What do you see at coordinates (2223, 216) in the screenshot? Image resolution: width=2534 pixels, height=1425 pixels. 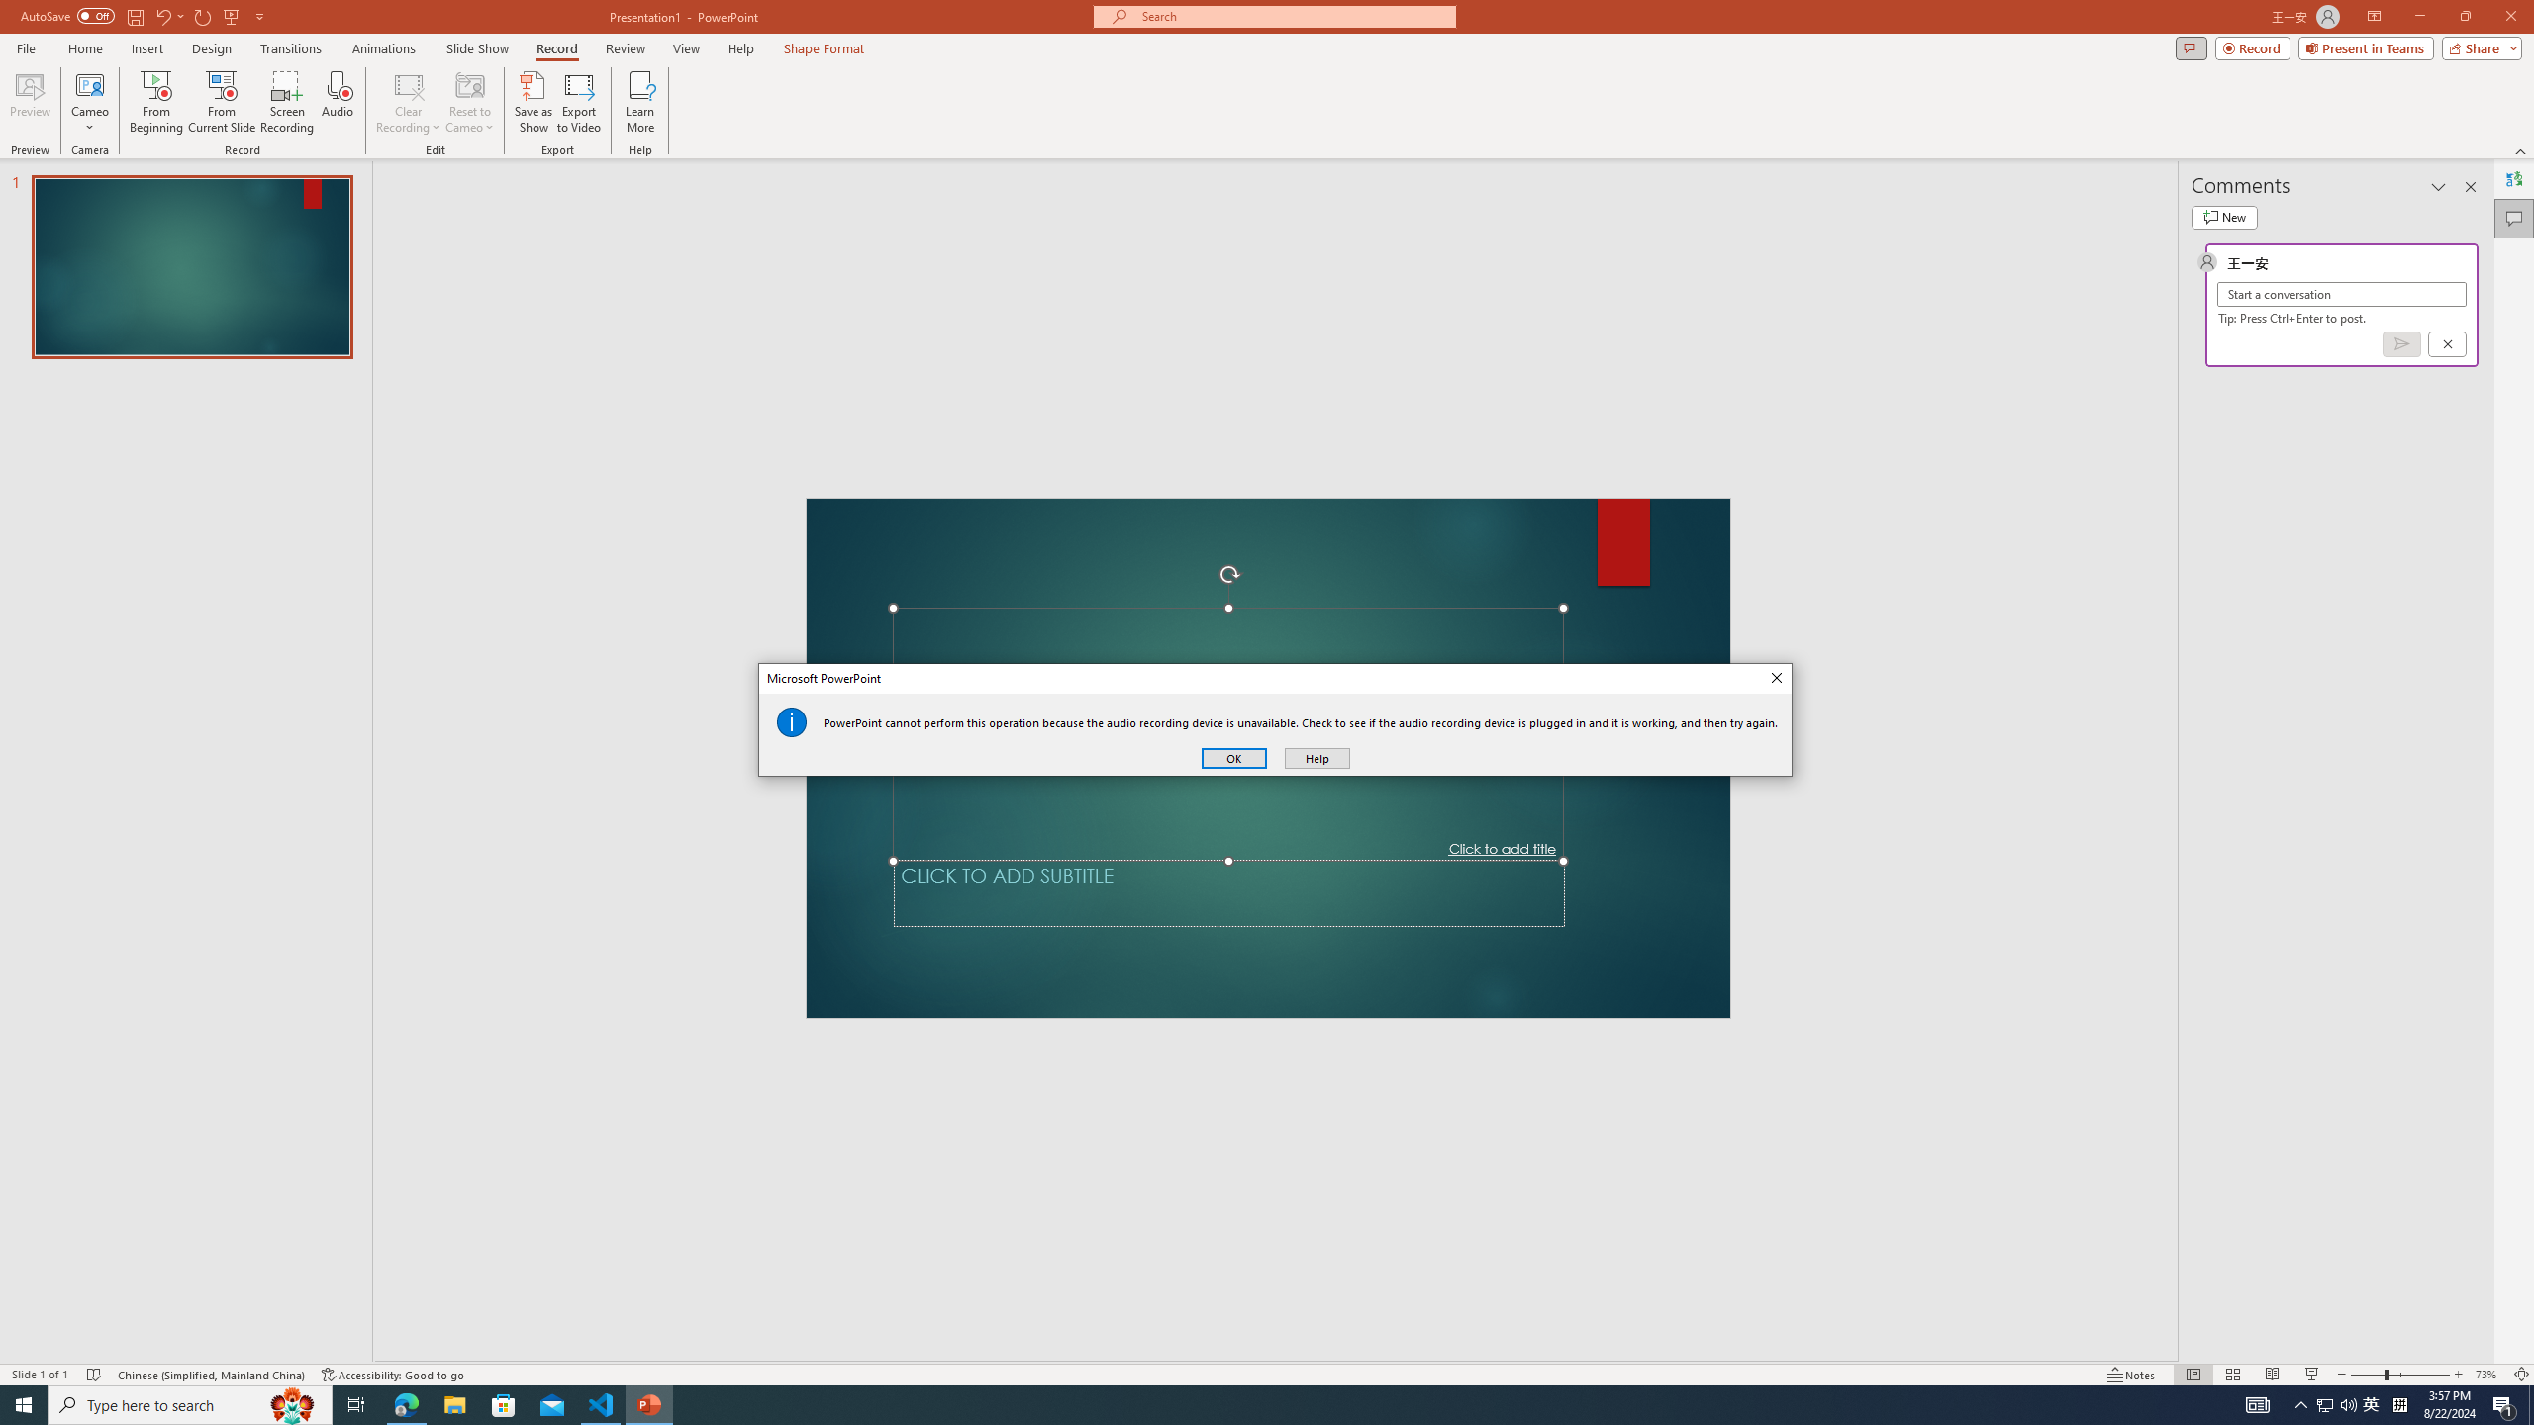 I see `'New comment'` at bounding box center [2223, 216].